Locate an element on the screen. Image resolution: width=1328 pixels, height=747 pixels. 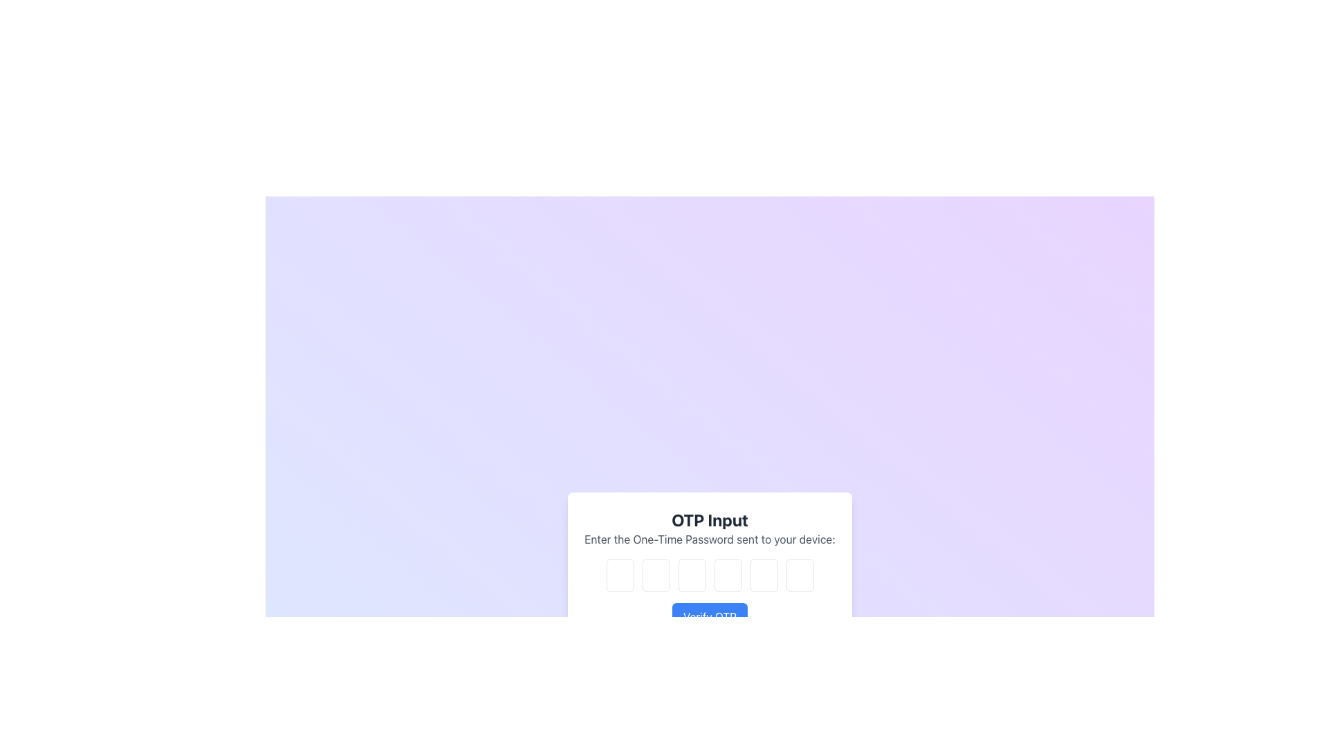
the instructional static text label that guides the user to enter the one-time password (OTP) sent to their device, located directly below the 'OTP Input' title is located at coordinates (710, 538).